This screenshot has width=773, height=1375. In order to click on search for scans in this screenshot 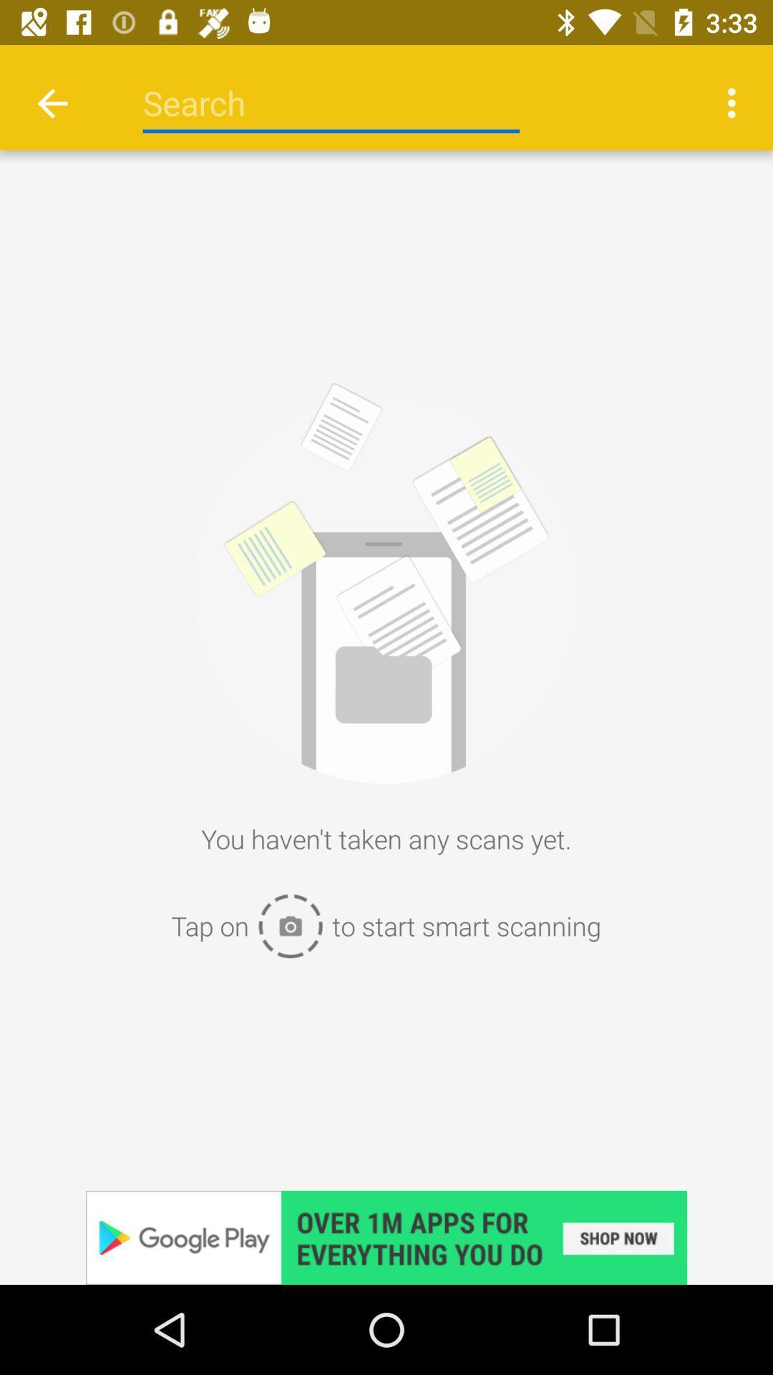, I will do `click(331, 102)`.